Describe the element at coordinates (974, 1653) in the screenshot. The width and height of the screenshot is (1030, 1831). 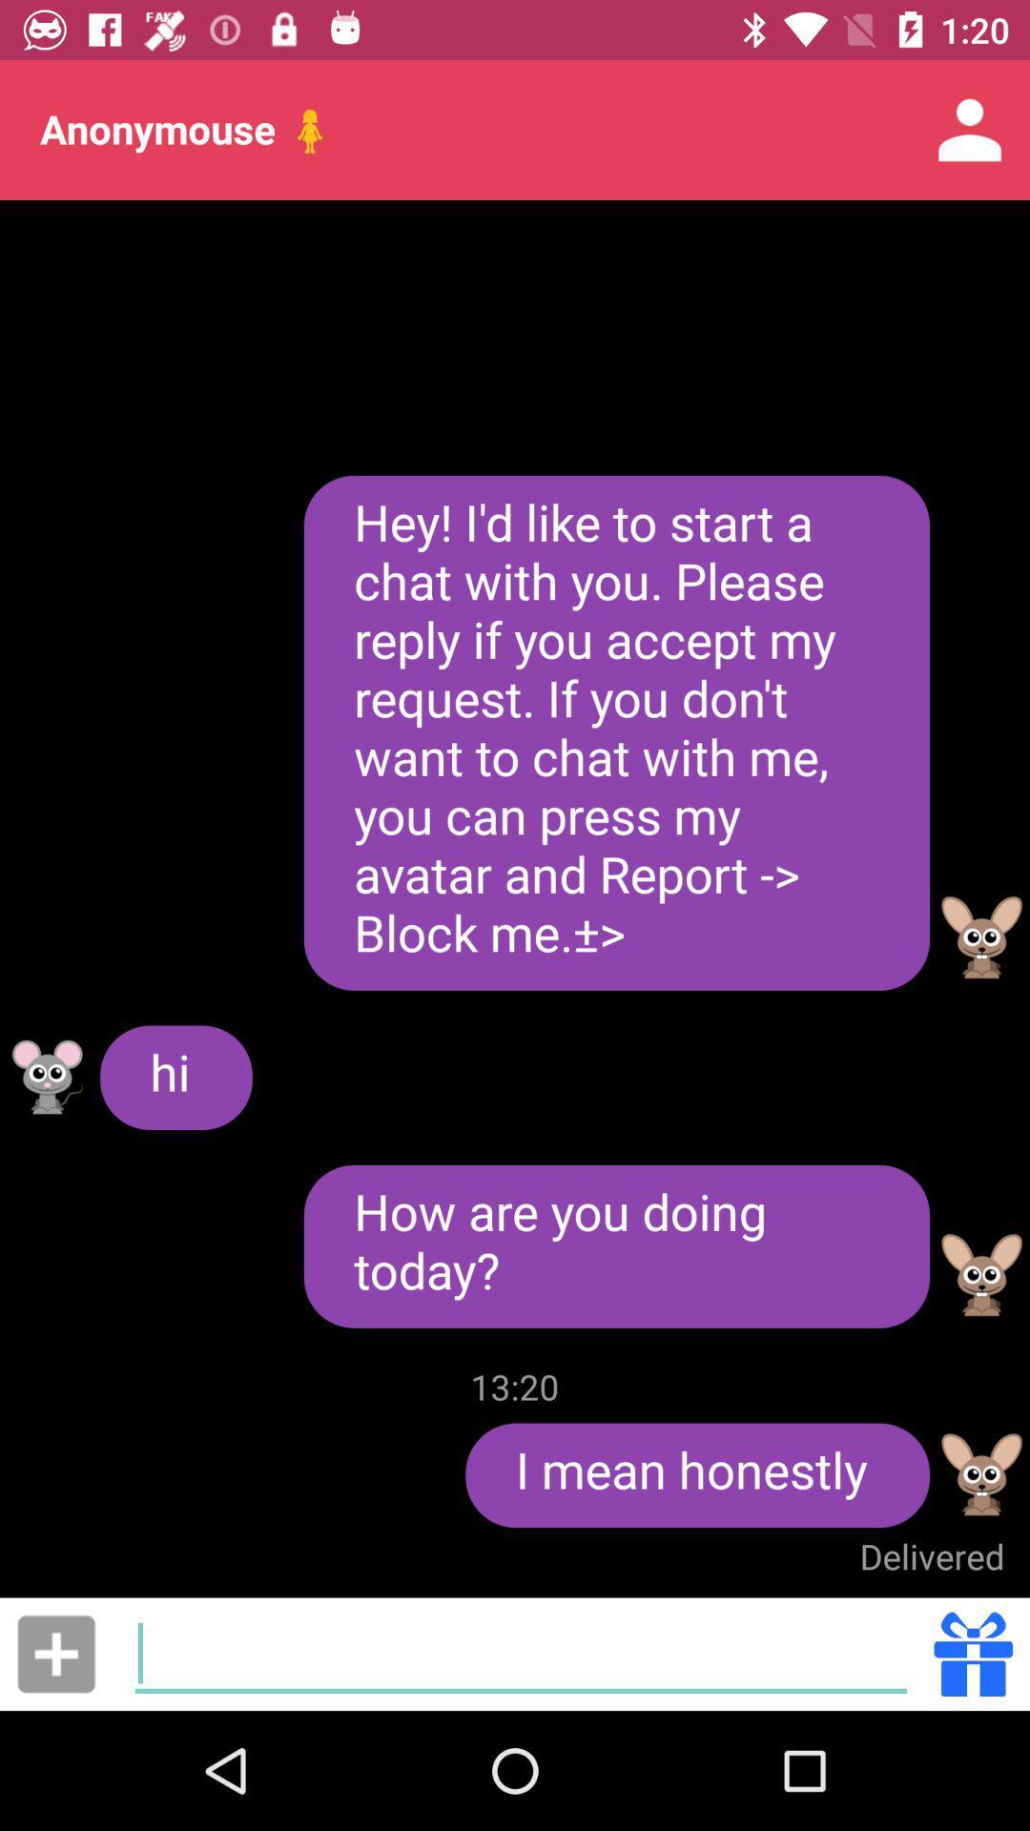
I see `the gift box image option down below  right of the page` at that location.